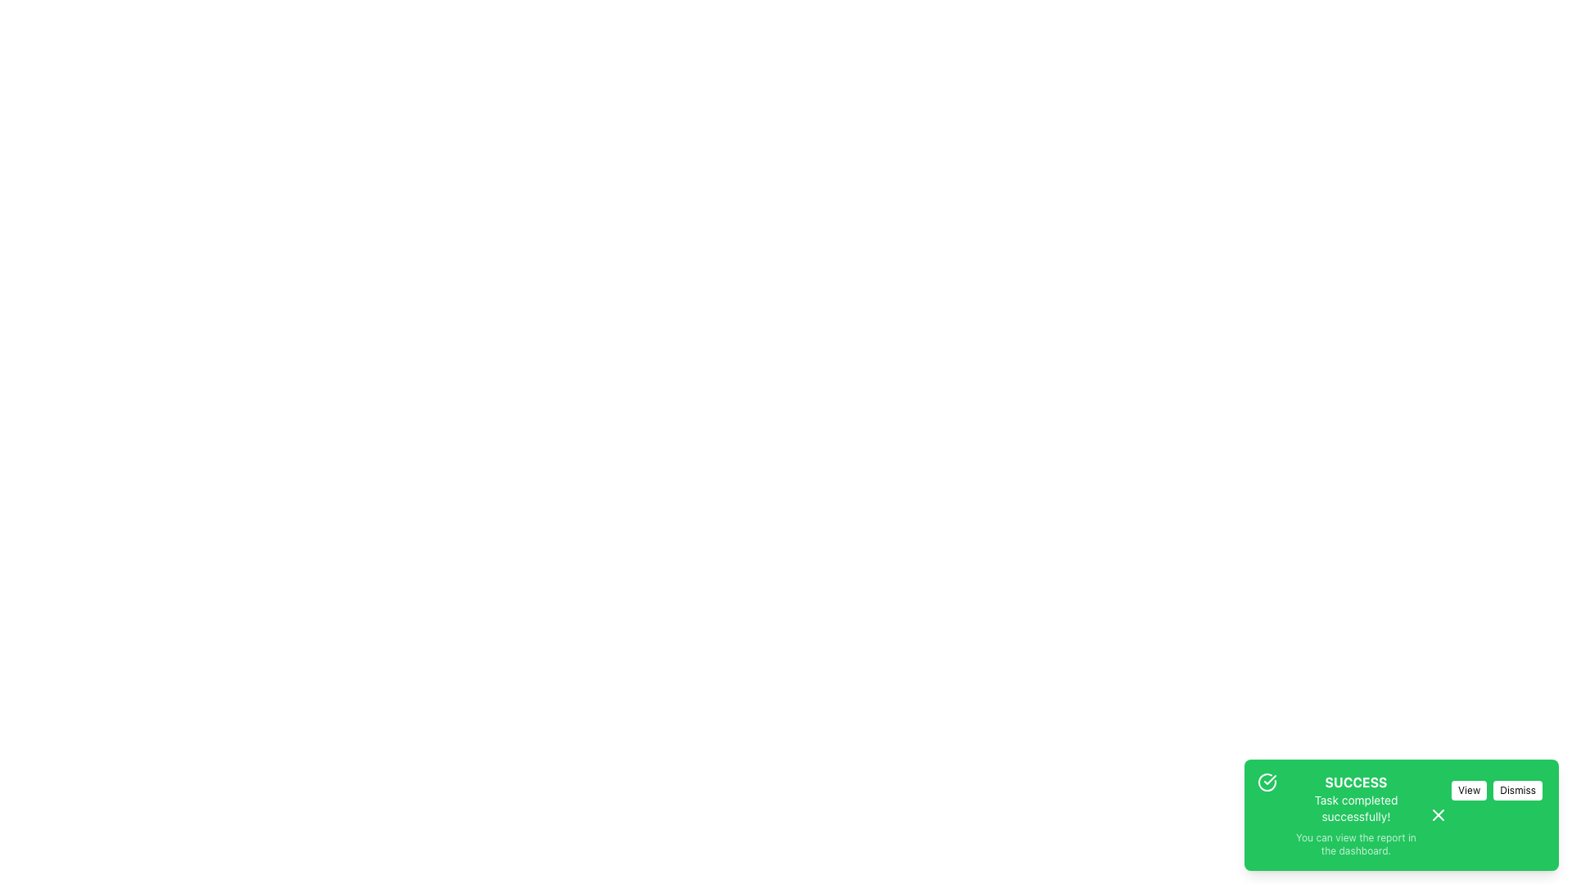  What do you see at coordinates (1517, 789) in the screenshot?
I see `the 'Dismiss' button, a small rectangular button with rounded corners and the text 'Dismiss' in black on a white background, located in the lower-right area of the green notification card` at bounding box center [1517, 789].